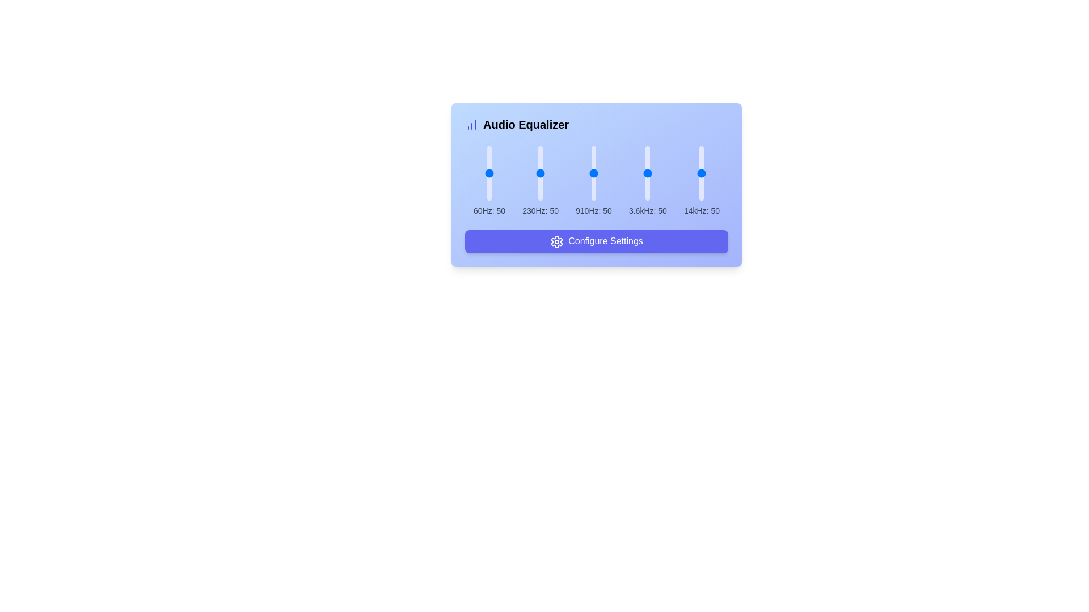  Describe the element at coordinates (593, 148) in the screenshot. I see `the 910Hz slider` at that location.